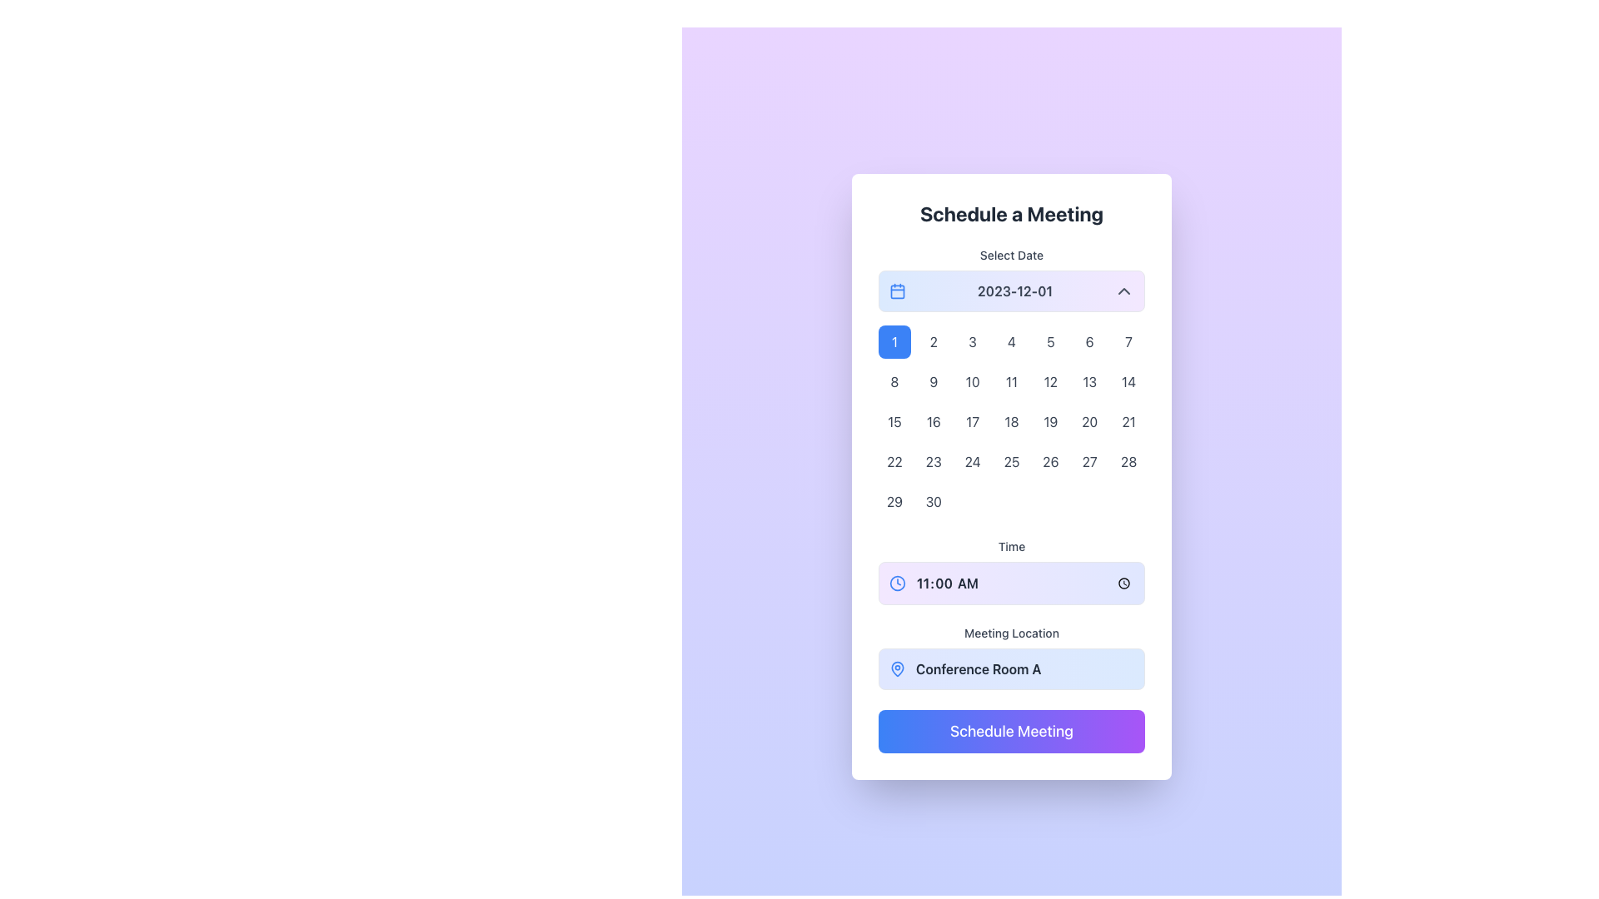 The height and width of the screenshot is (899, 1599). What do you see at coordinates (1014, 291) in the screenshot?
I see `the Text Label displaying the date '2023-12-01'` at bounding box center [1014, 291].